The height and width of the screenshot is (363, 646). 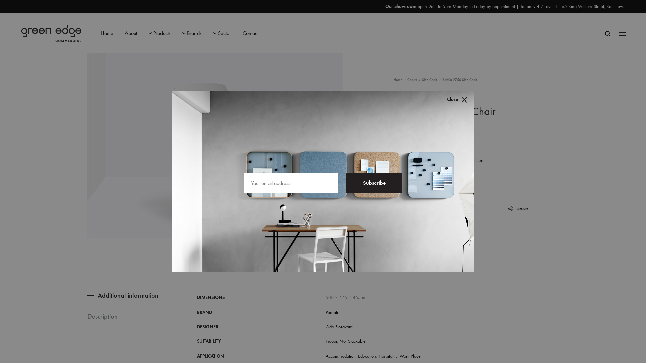 What do you see at coordinates (326, 341) in the screenshot?
I see `'Indoor'` at bounding box center [326, 341].